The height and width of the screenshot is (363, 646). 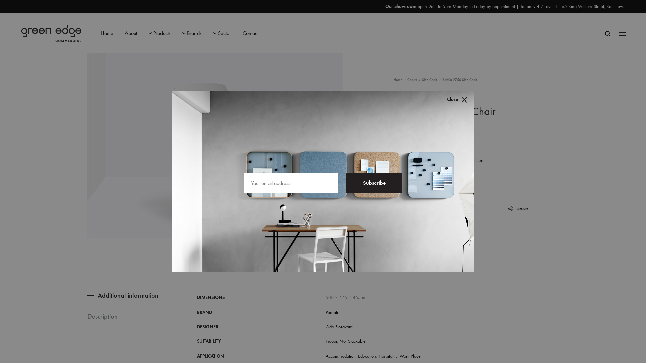 What do you see at coordinates (326, 341) in the screenshot?
I see `'Indoor'` at bounding box center [326, 341].